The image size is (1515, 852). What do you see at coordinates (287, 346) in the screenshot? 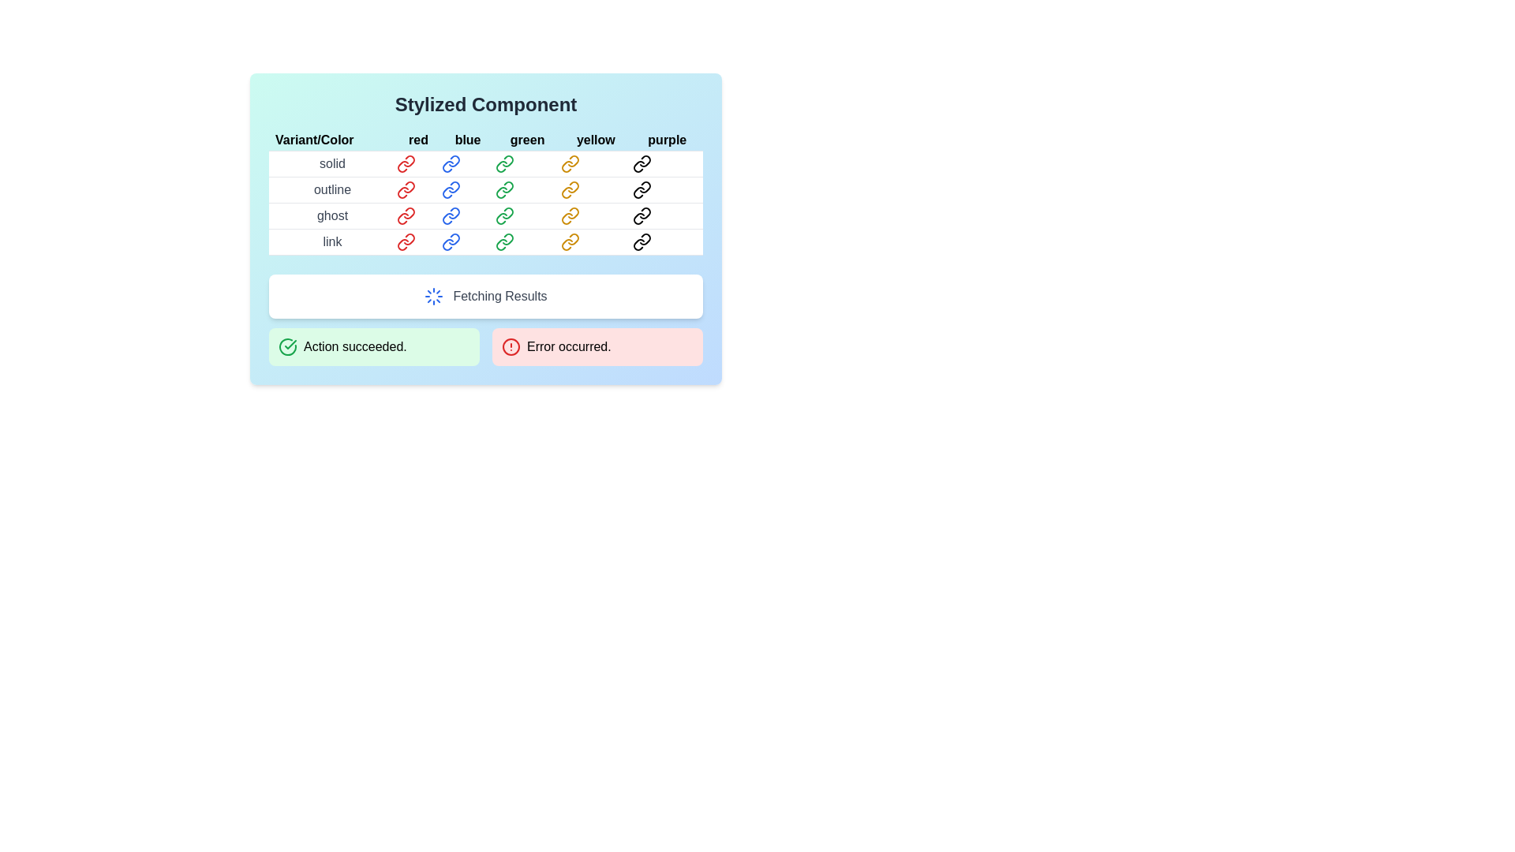
I see `the Icon that indicates successful completion of an operation, located on the left side of the green background notification bar labeled 'Action succeeded.'` at bounding box center [287, 346].